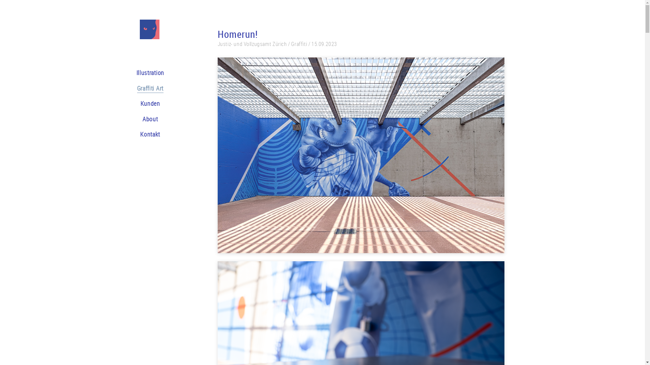  What do you see at coordinates (150, 135) in the screenshot?
I see `'Kontakt'` at bounding box center [150, 135].